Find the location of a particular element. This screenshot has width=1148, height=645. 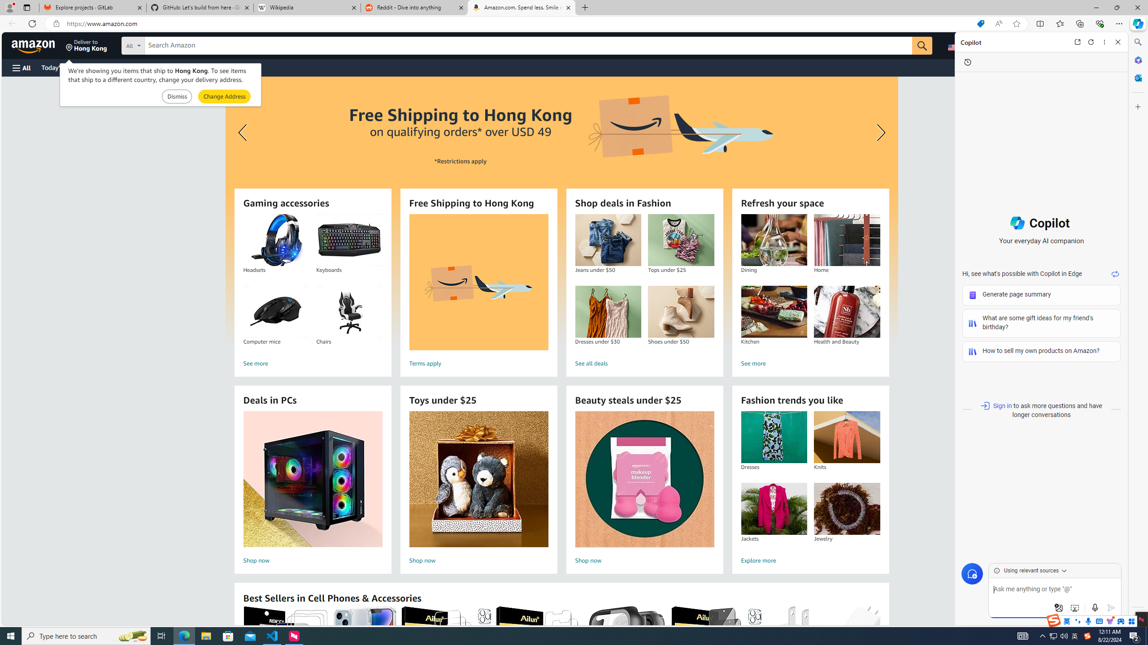

'Toys under $25 Shop now' is located at coordinates (478, 489).